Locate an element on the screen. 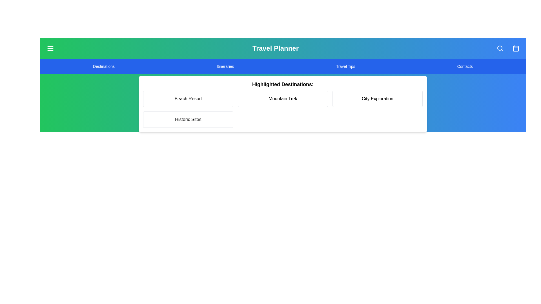 Image resolution: width=541 pixels, height=304 pixels. the menu item Travel Tips to navigate to the corresponding section is located at coordinates (345, 66).